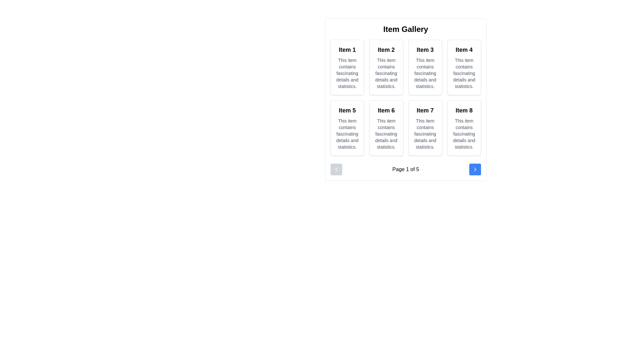  I want to click on the static text display that shows 'This item contains fascinating details and statistics.' located below 'Item 1' in the first card of the grid layout, so click(347, 73).